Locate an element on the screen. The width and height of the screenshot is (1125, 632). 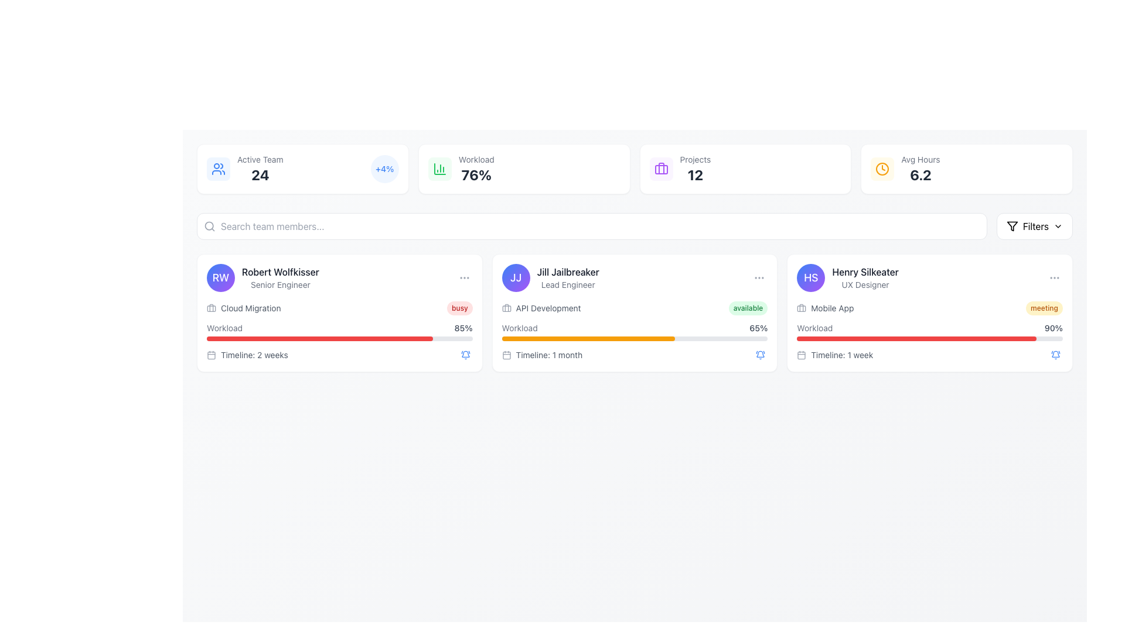
the text display element that shows 'Workload' with the value '76%' is located at coordinates (476, 169).